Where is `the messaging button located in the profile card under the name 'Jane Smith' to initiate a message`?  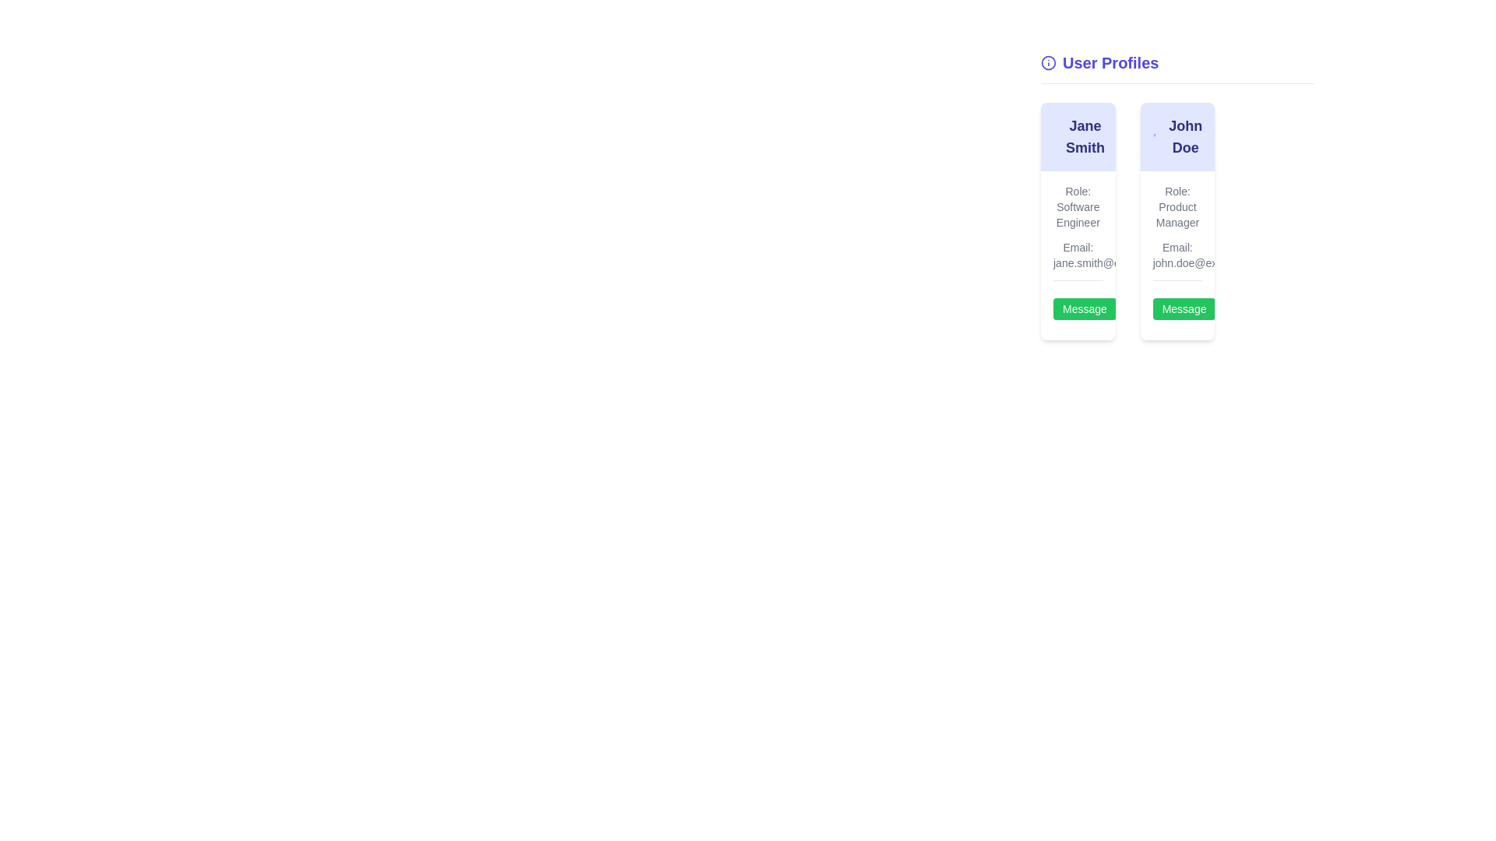
the messaging button located in the profile card under the name 'Jane Smith' to initiate a message is located at coordinates (1084, 309).